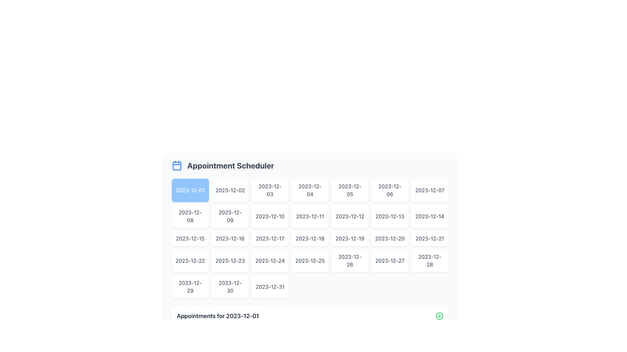 The image size is (627, 352). I want to click on the selectable date option button located in the last row and last column of the grid under the 'Appointment Scheduler' header to observe potential visual changes, so click(270, 286).